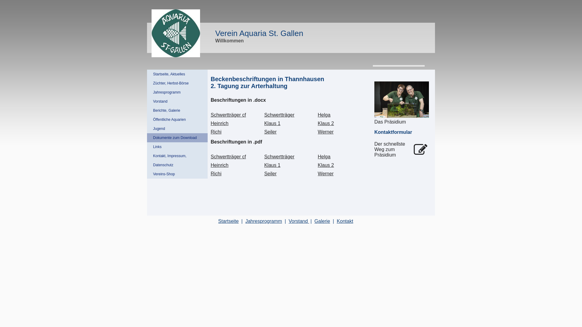 This screenshot has height=327, width=582. What do you see at coordinates (272, 165) in the screenshot?
I see `'Klaus 1'` at bounding box center [272, 165].